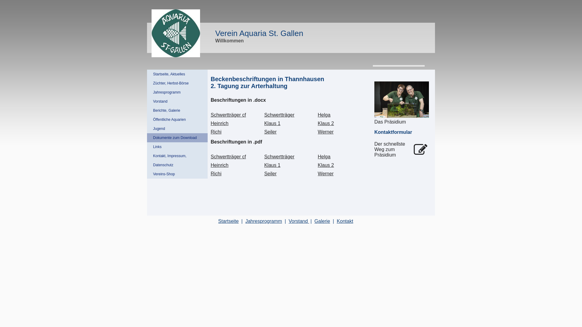 This screenshot has height=327, width=582. What do you see at coordinates (272, 165) in the screenshot?
I see `'Klaus 1'` at bounding box center [272, 165].